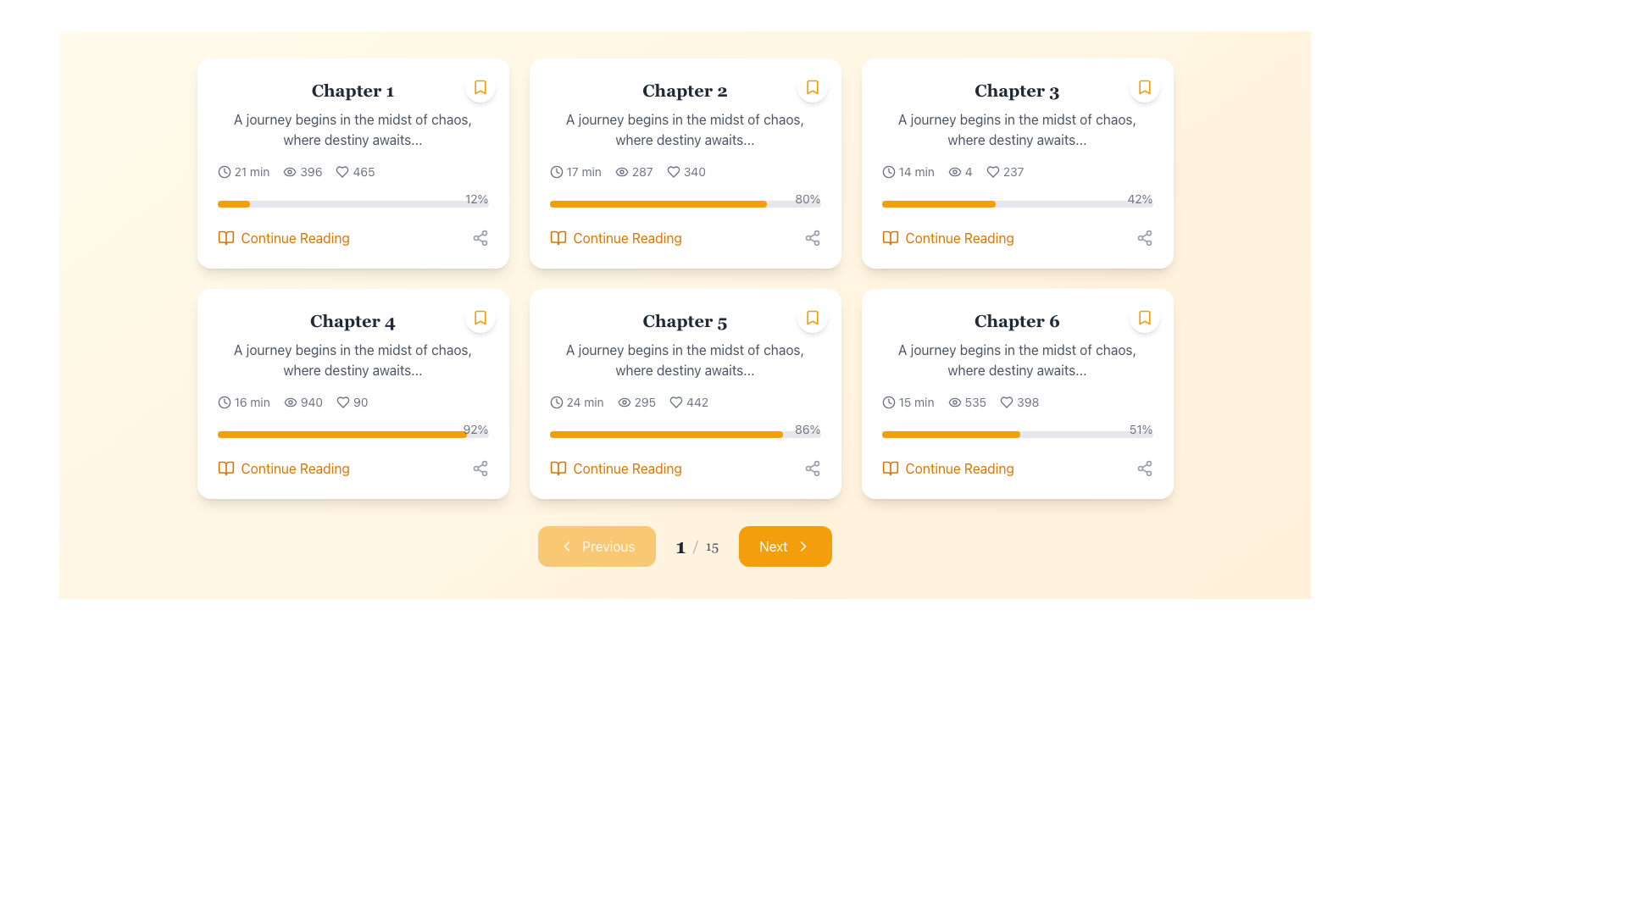 The width and height of the screenshot is (1627, 915). I want to click on the text block with heading and subtitle that provides a preview for Chapter 6, located in the lower right card of the grid layout, so click(1017, 344).